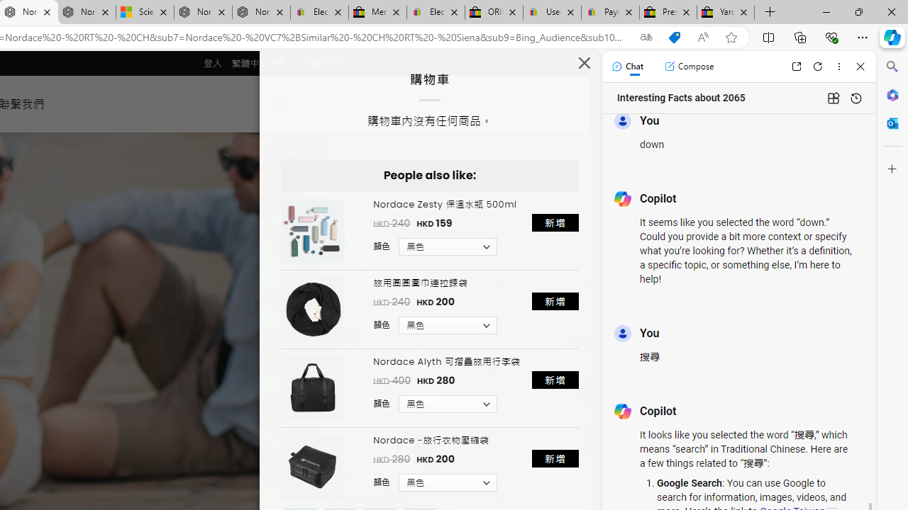 Image resolution: width=908 pixels, height=510 pixels. I want to click on 'Class: feather feather-x', so click(585, 62).